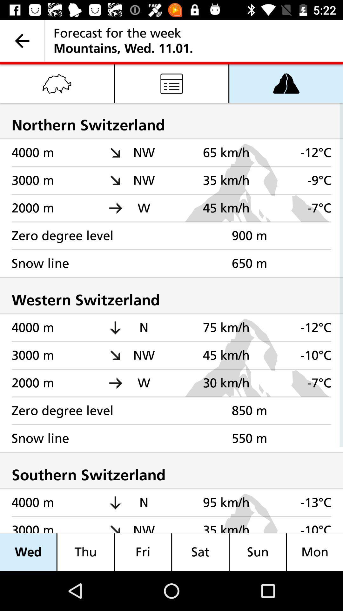 The width and height of the screenshot is (343, 611). What do you see at coordinates (258, 552) in the screenshot?
I see `sun icon` at bounding box center [258, 552].